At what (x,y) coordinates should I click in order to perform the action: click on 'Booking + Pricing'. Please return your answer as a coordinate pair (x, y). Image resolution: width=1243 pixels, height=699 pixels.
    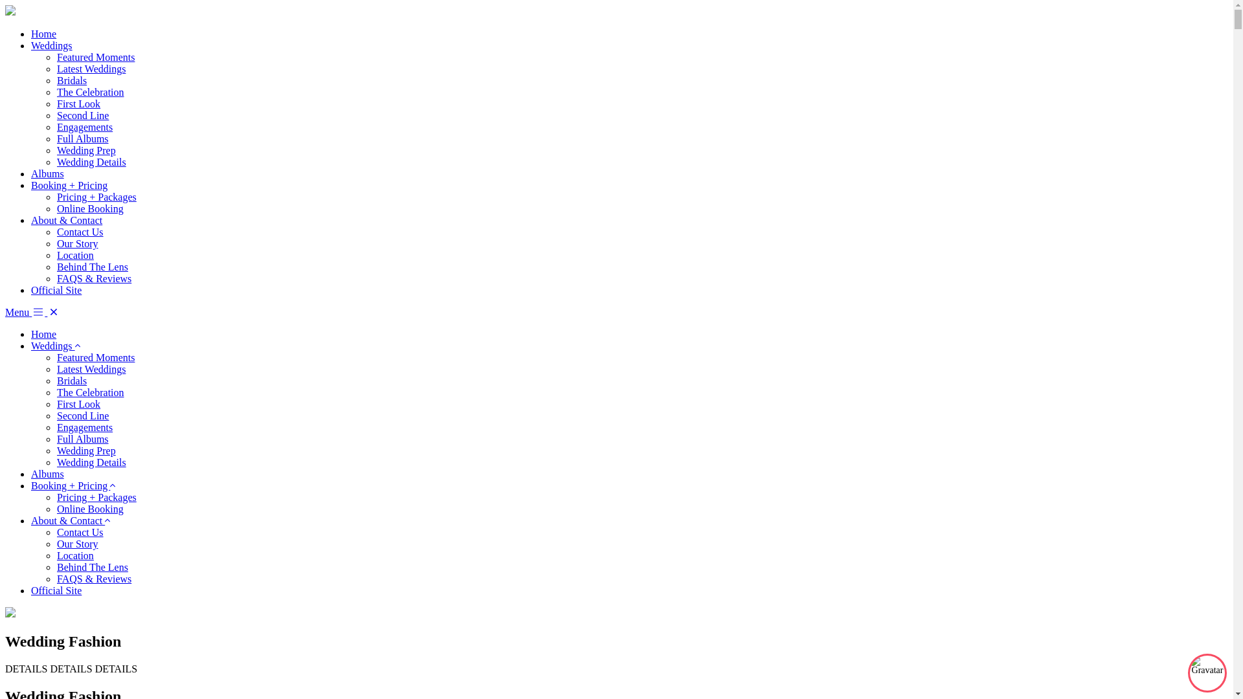
    Looking at the image, I should click on (68, 185).